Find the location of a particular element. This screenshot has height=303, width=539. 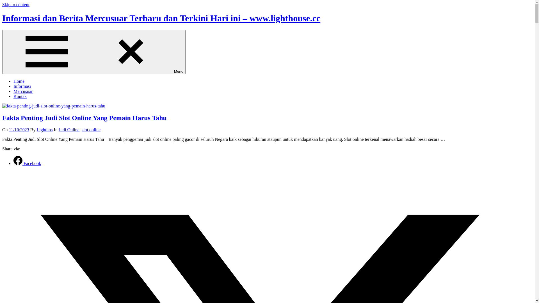

'Lighthos' is located at coordinates (44, 130).